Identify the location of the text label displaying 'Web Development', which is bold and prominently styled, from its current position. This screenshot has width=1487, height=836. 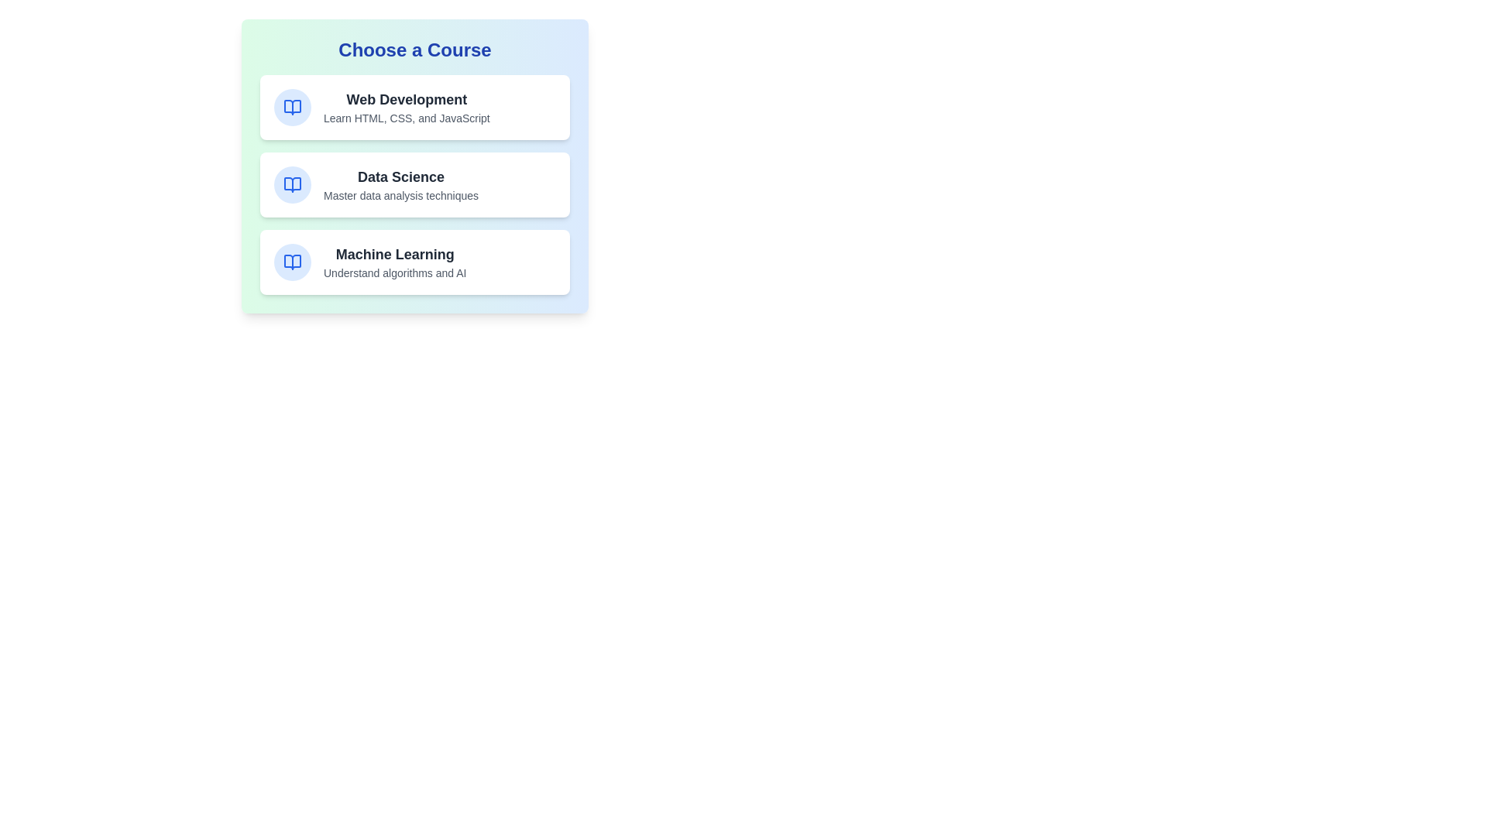
(407, 99).